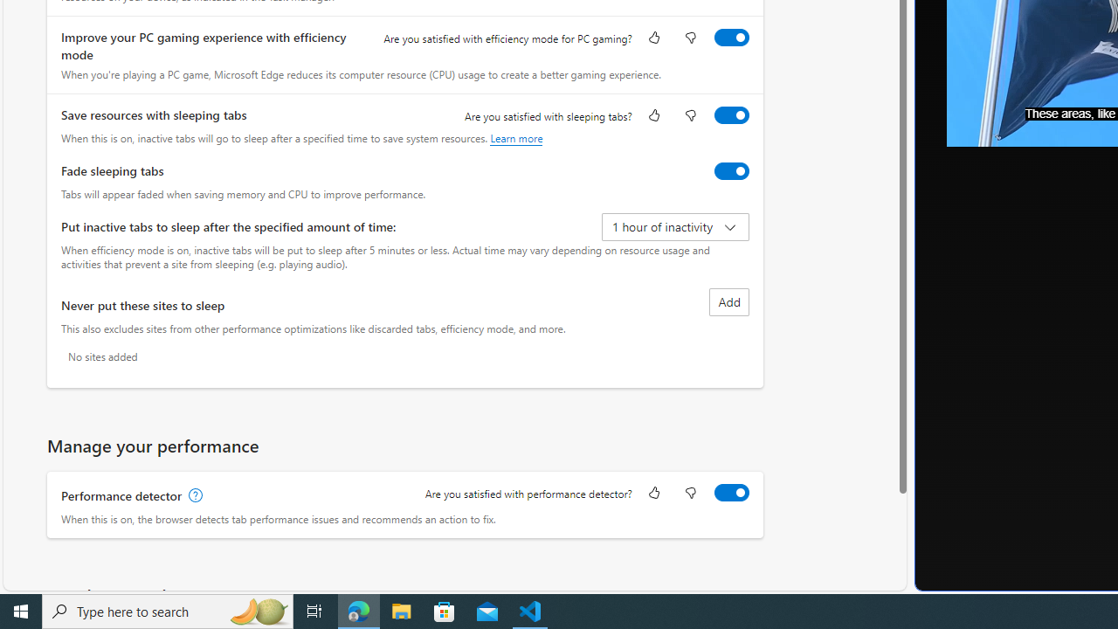  I want to click on 'Like', so click(652, 494).